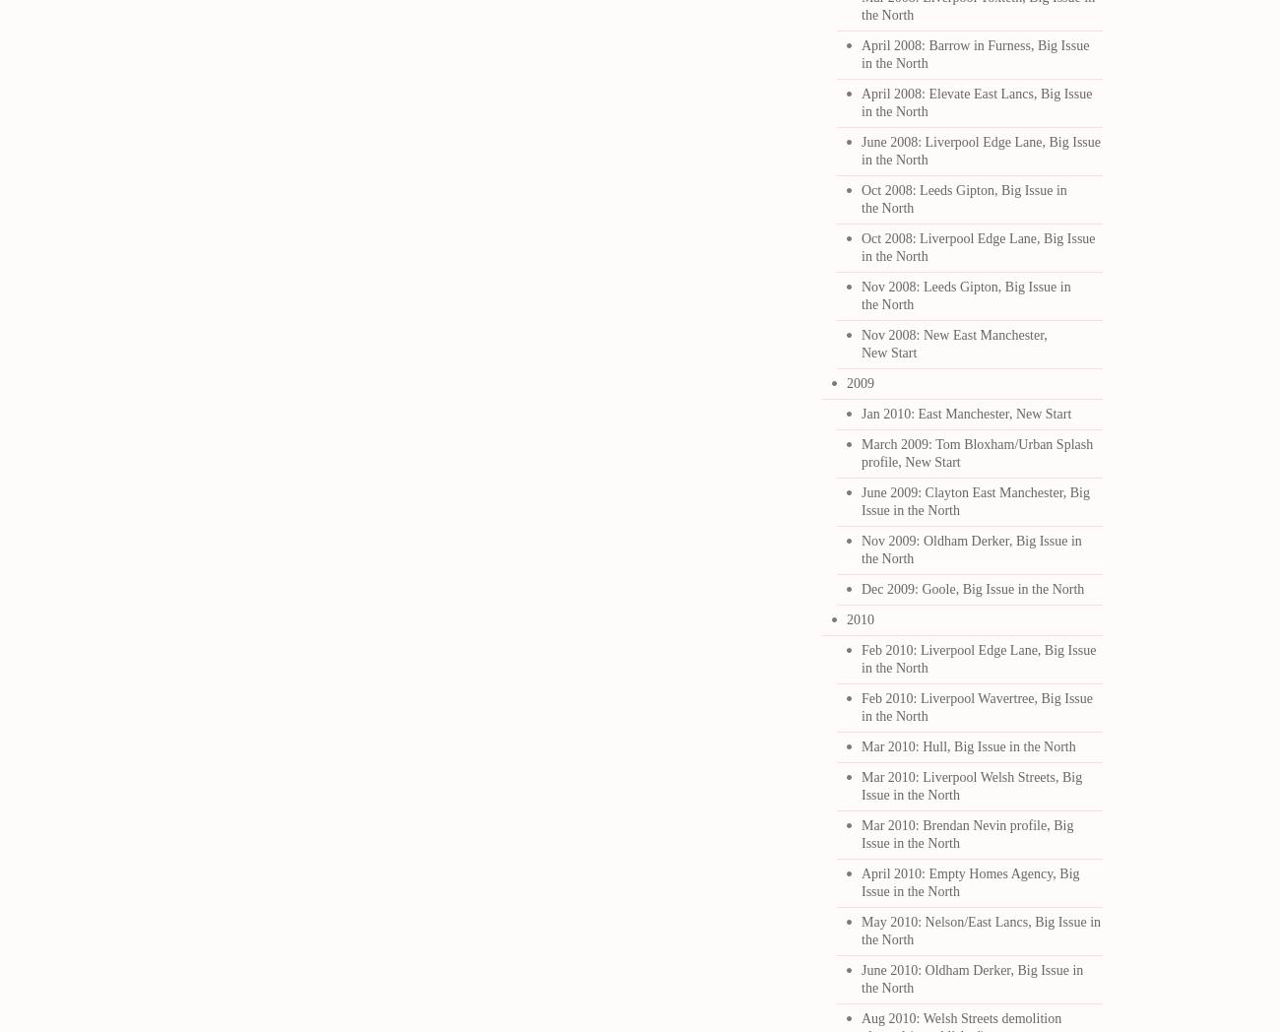 The width and height of the screenshot is (1280, 1032). I want to click on 'May 2010: Nelson/East Lancs, Big Issue in the North', so click(980, 931).